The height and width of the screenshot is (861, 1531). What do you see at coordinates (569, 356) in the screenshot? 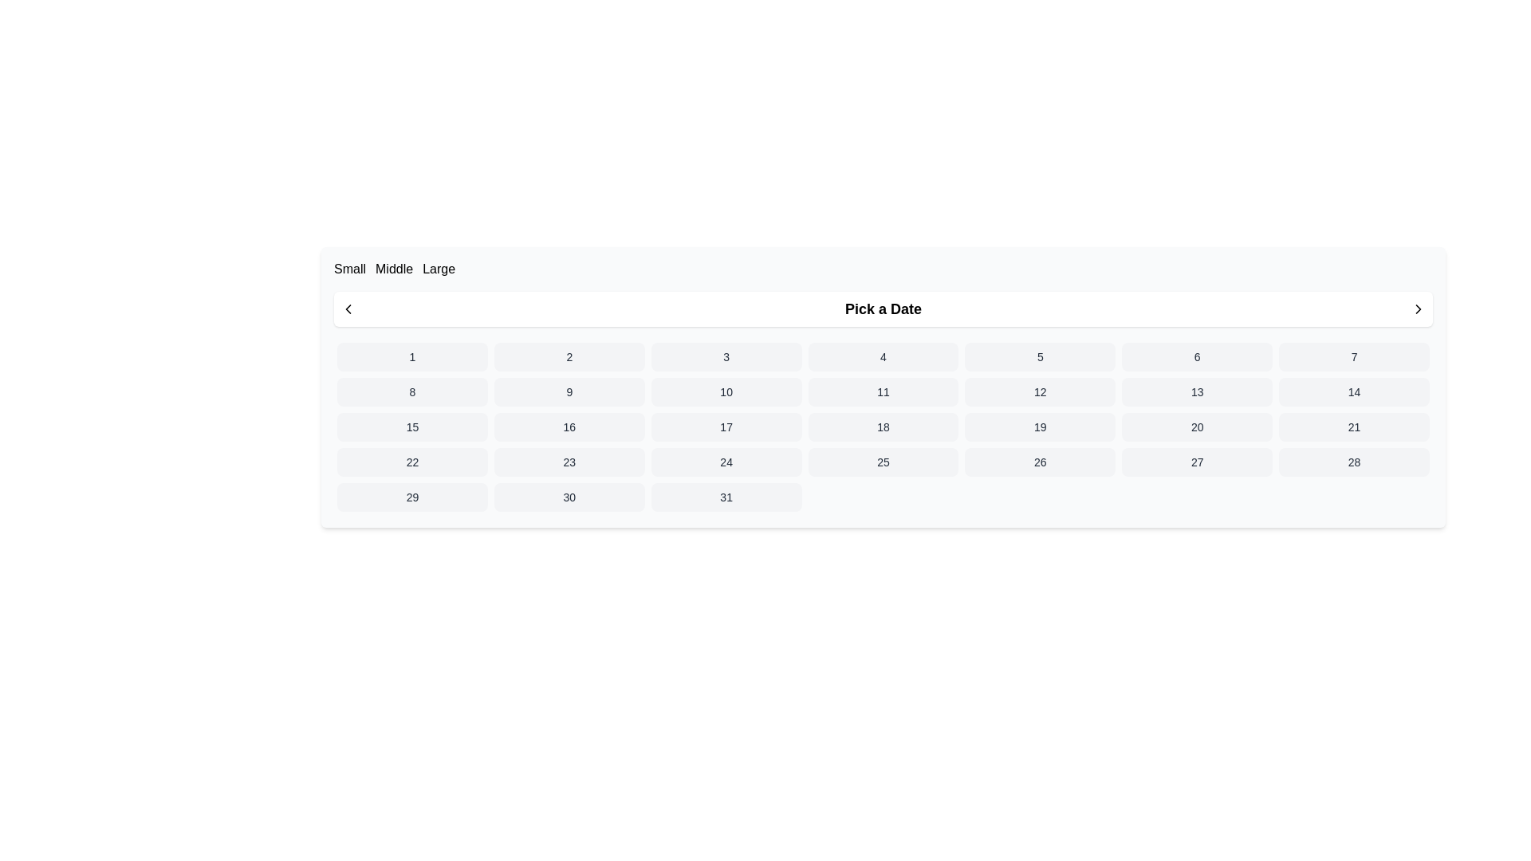
I see `the button representing the number '2' in the calendar-like interface to activate the selection for the value '2'` at bounding box center [569, 356].